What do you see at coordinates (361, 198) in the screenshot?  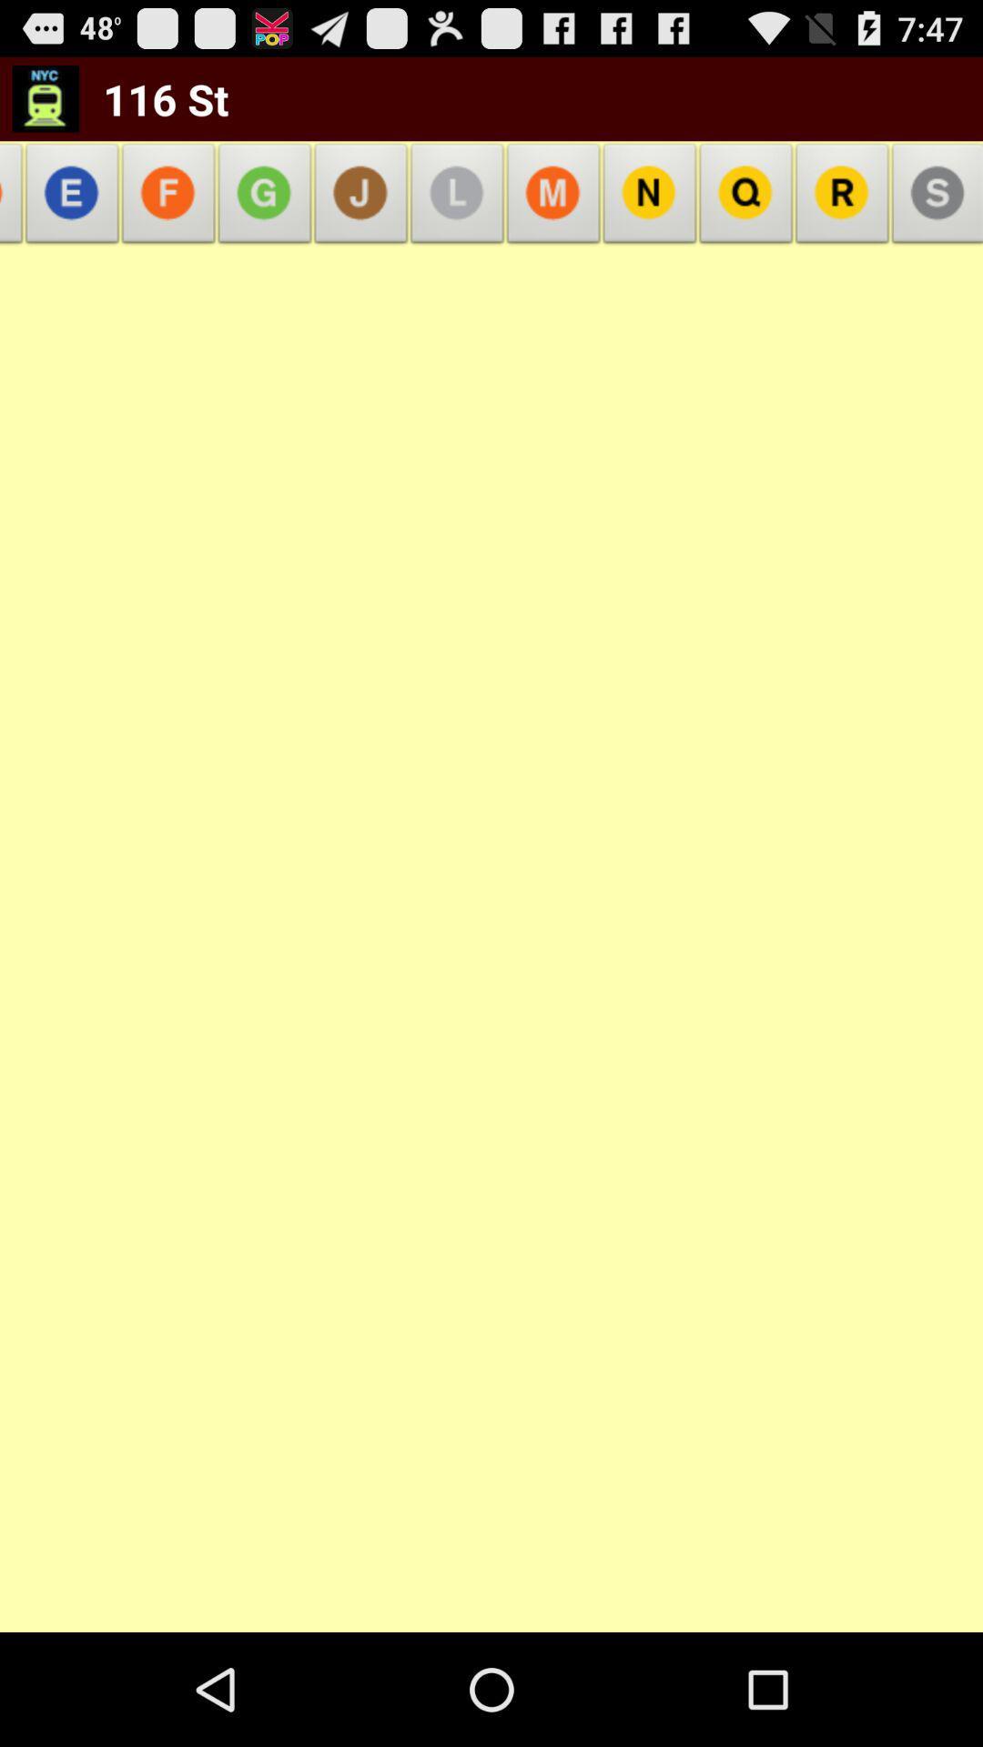 I see `the item next to 116 st app` at bounding box center [361, 198].